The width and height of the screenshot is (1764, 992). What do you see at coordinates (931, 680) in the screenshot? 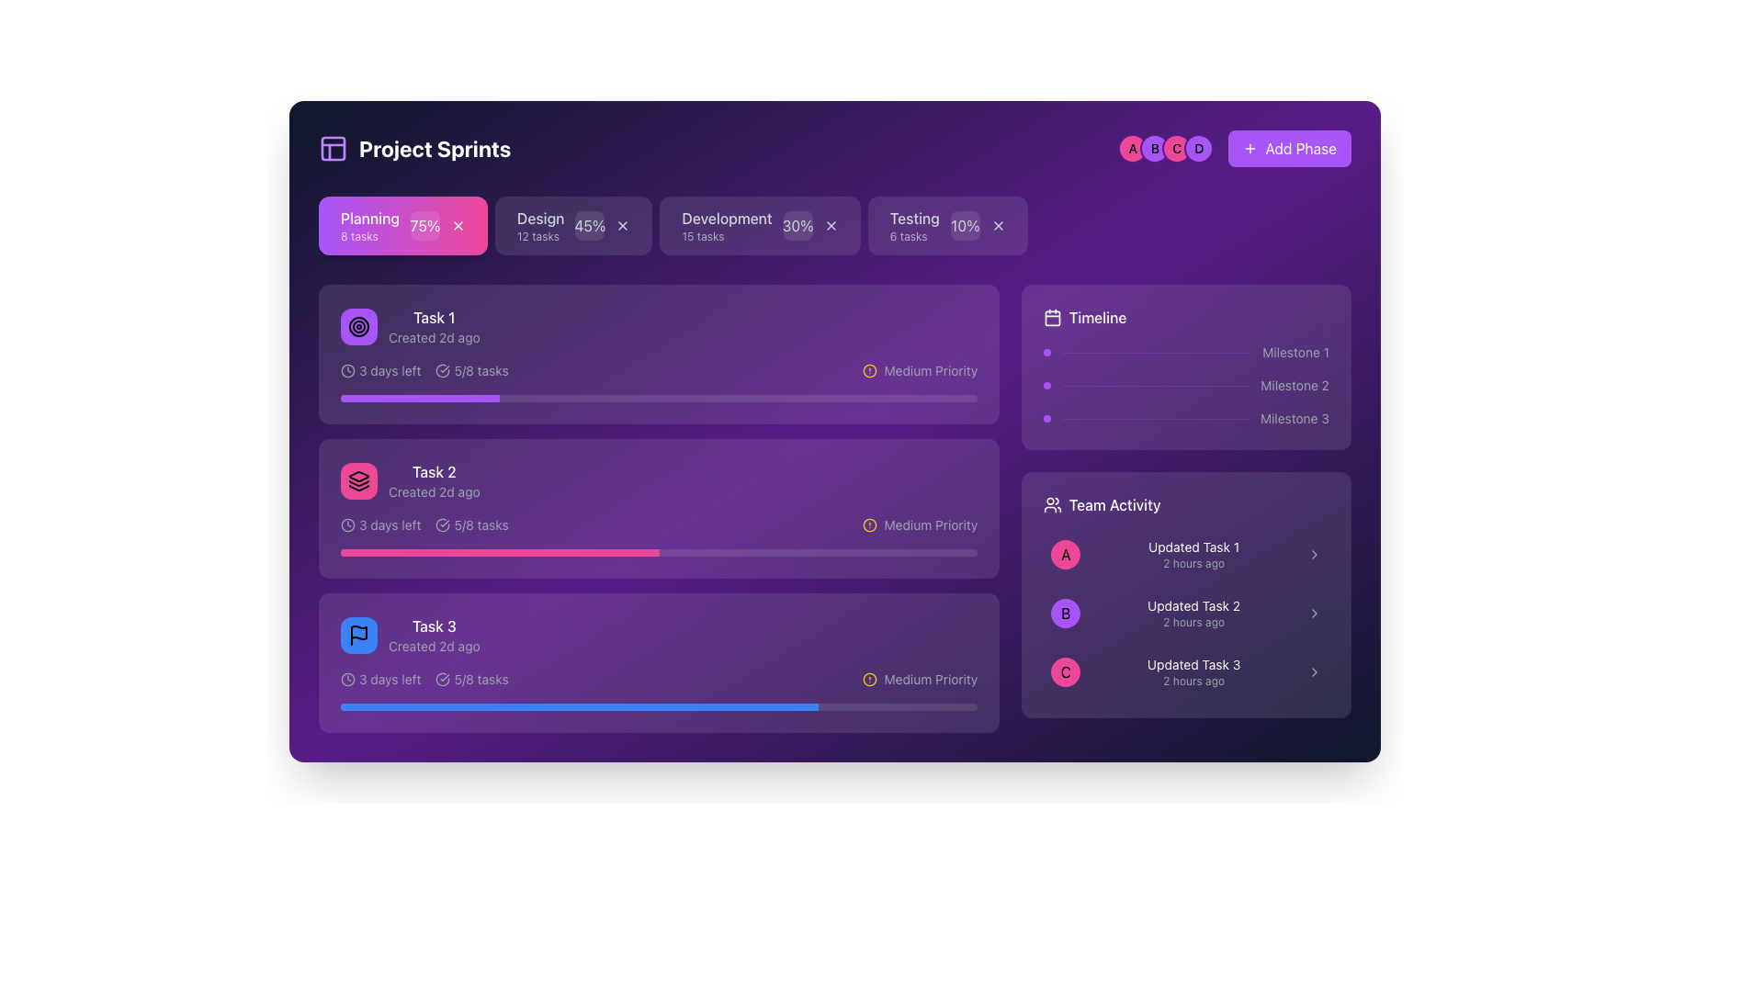
I see `the 'Medium Priority' text label that indicates the associated task's medium priority, located to the right of the third task's progress bar in the project management interface` at bounding box center [931, 680].